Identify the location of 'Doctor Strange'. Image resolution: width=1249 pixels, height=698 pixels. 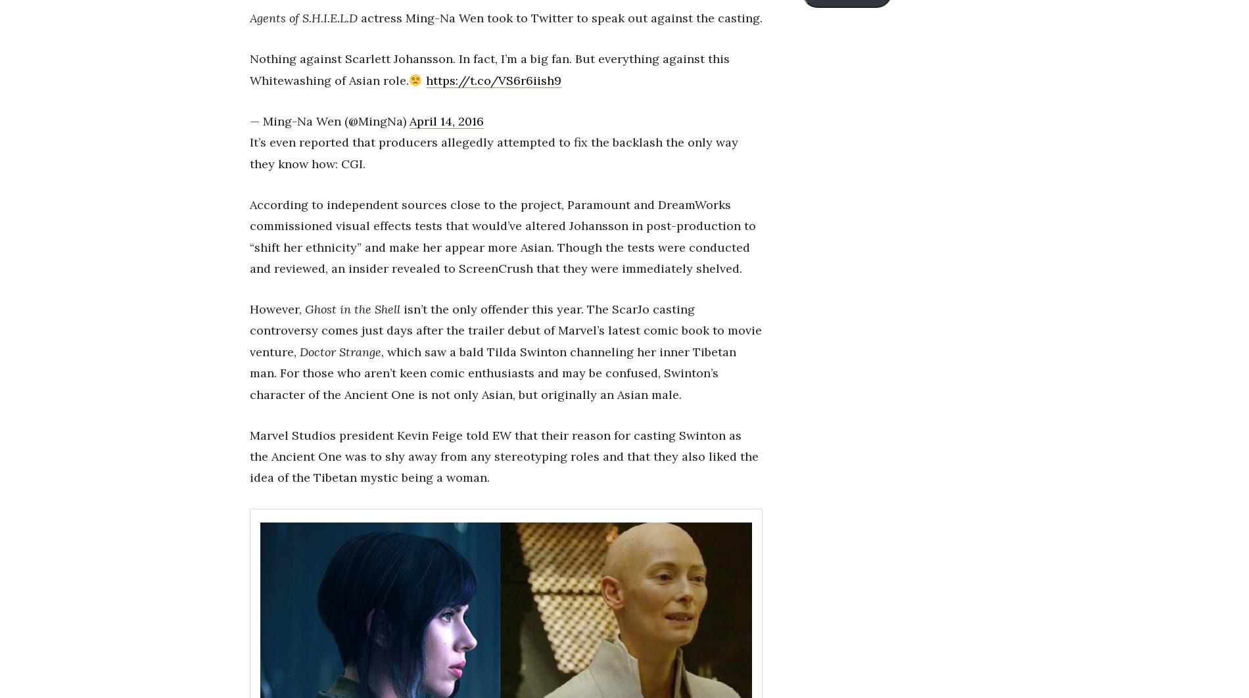
(340, 351).